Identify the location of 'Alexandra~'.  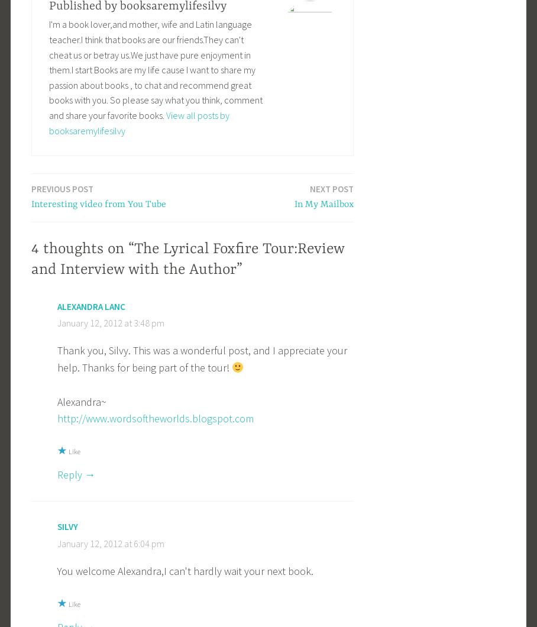
(56, 400).